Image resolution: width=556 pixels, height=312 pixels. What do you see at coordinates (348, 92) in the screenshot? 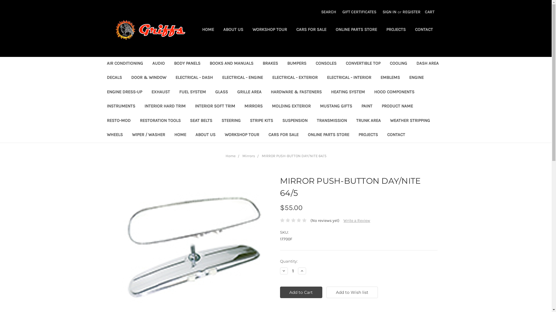
I see `'HEATING SYSTEM'` at bounding box center [348, 92].